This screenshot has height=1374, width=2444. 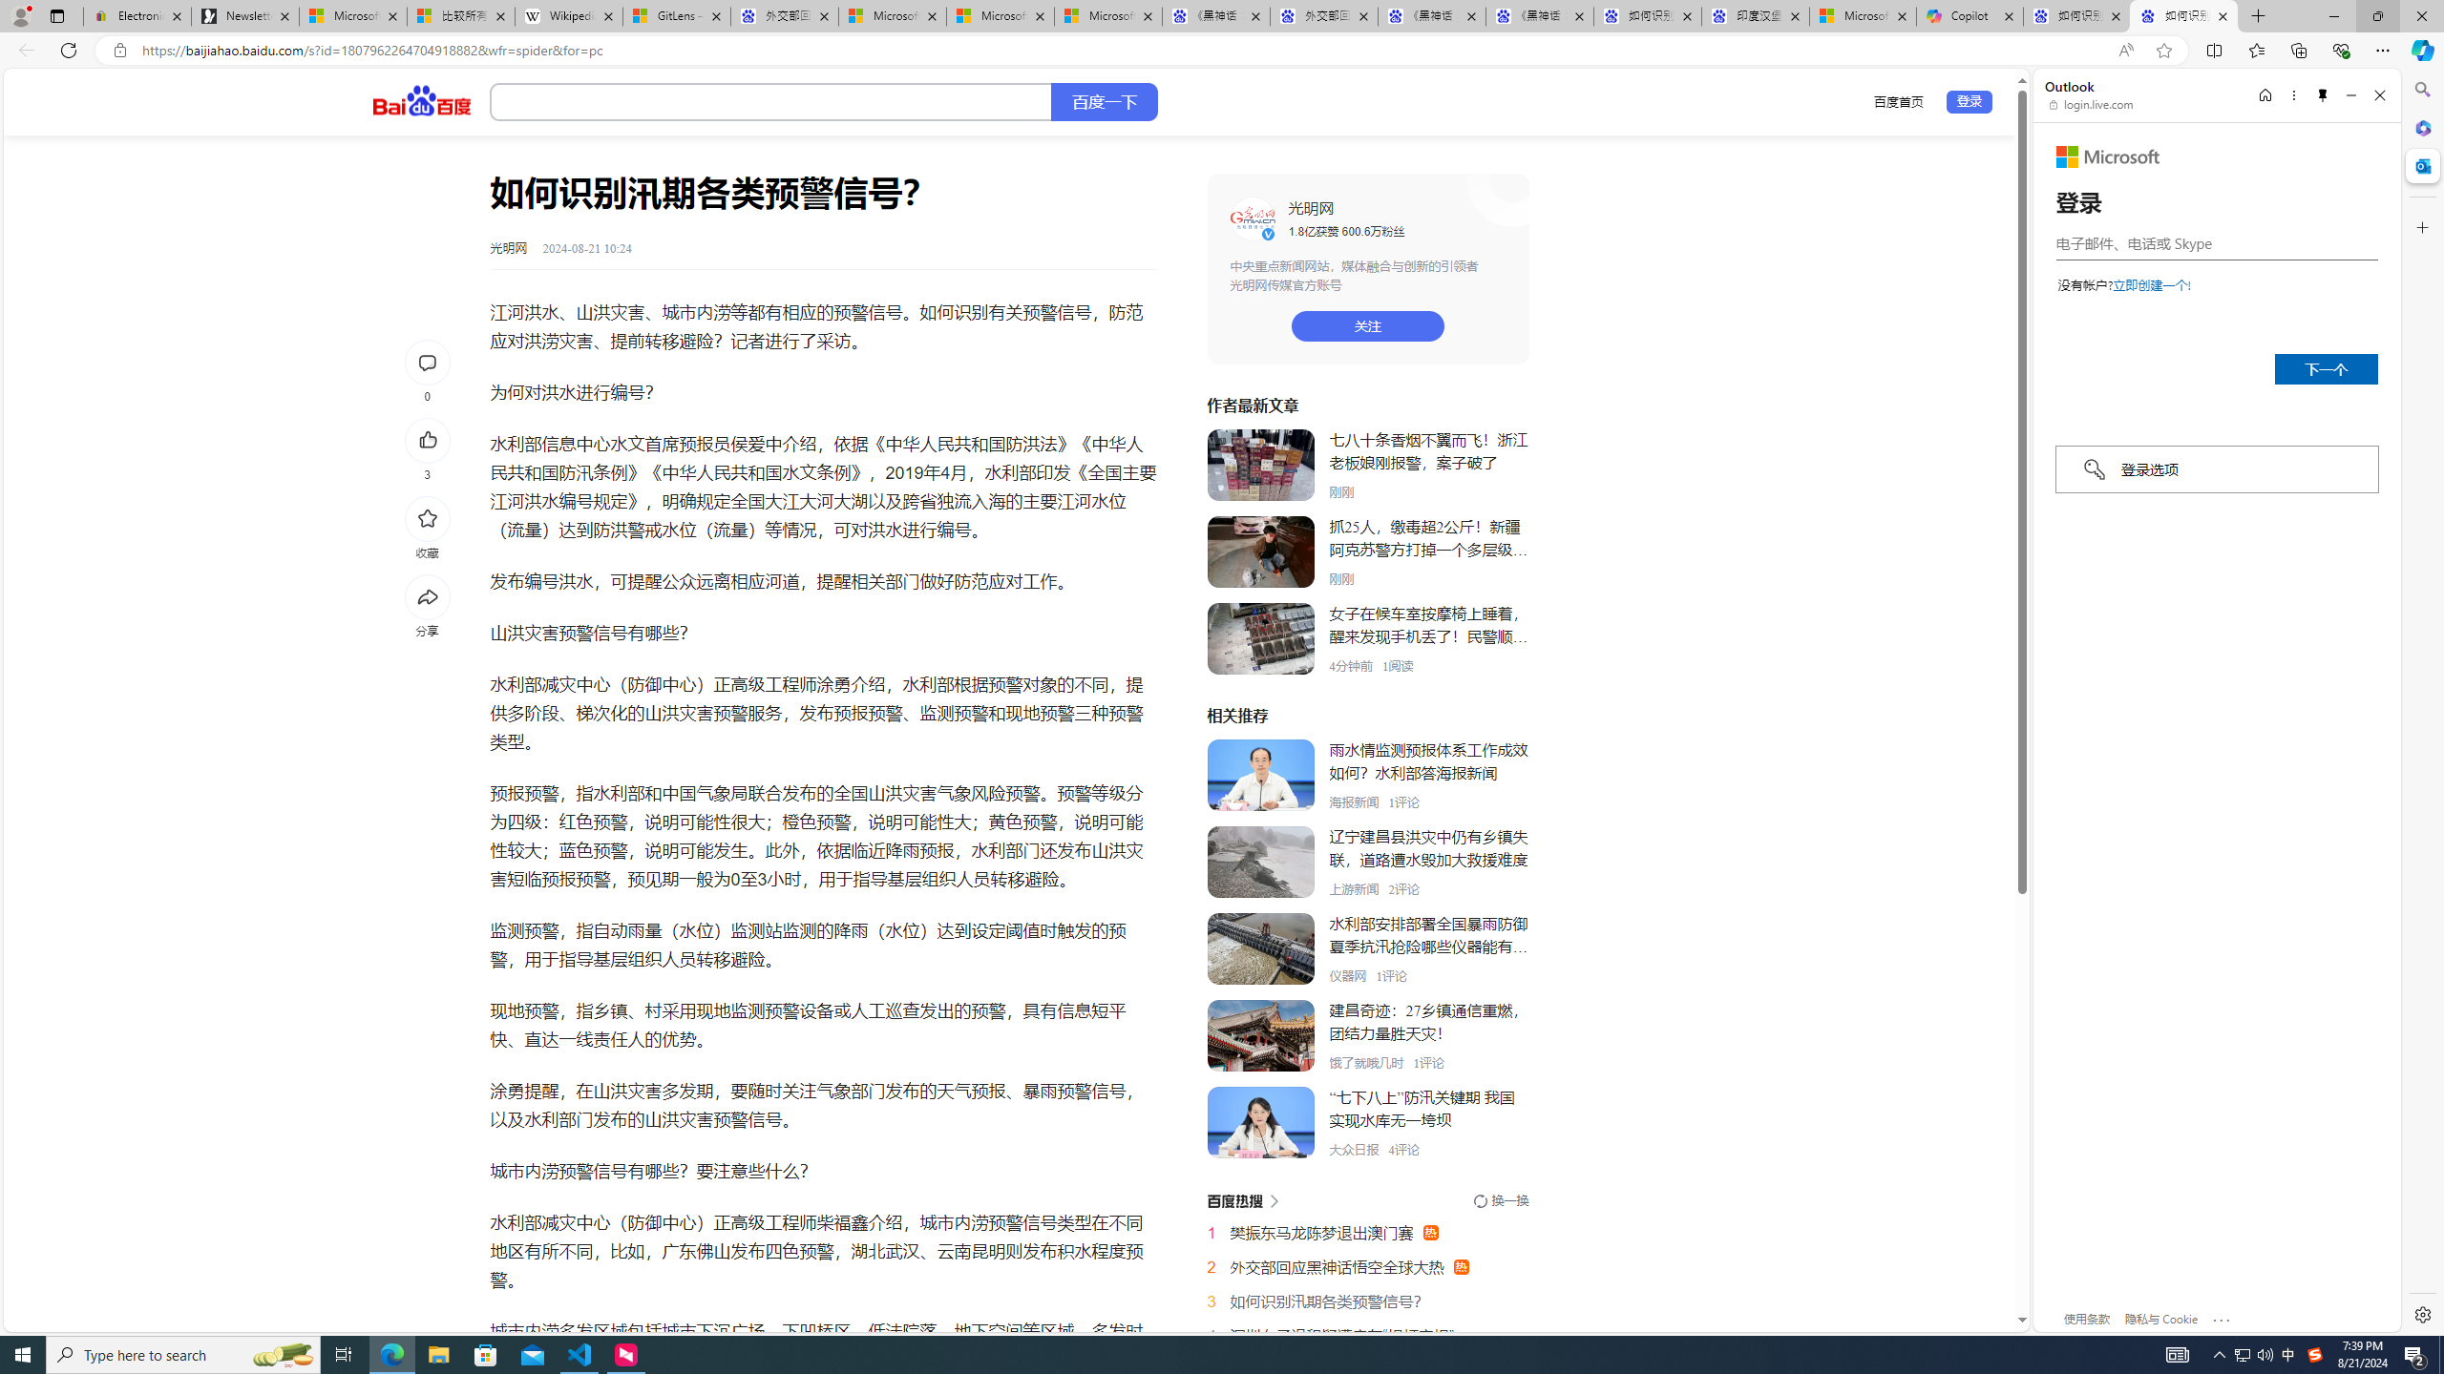 I want to click on 'Class: XDq7y', so click(x=1260, y=1121).